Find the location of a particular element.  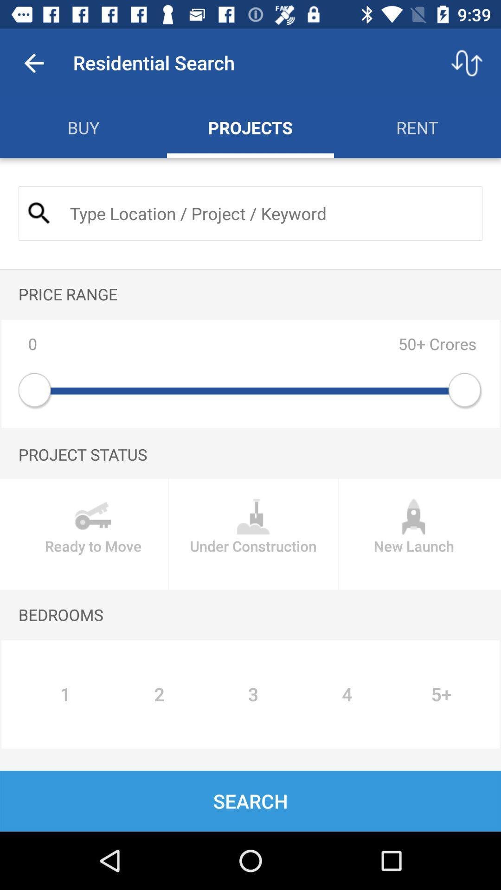

the icon to the left of 2 icon is located at coordinates (65, 694).